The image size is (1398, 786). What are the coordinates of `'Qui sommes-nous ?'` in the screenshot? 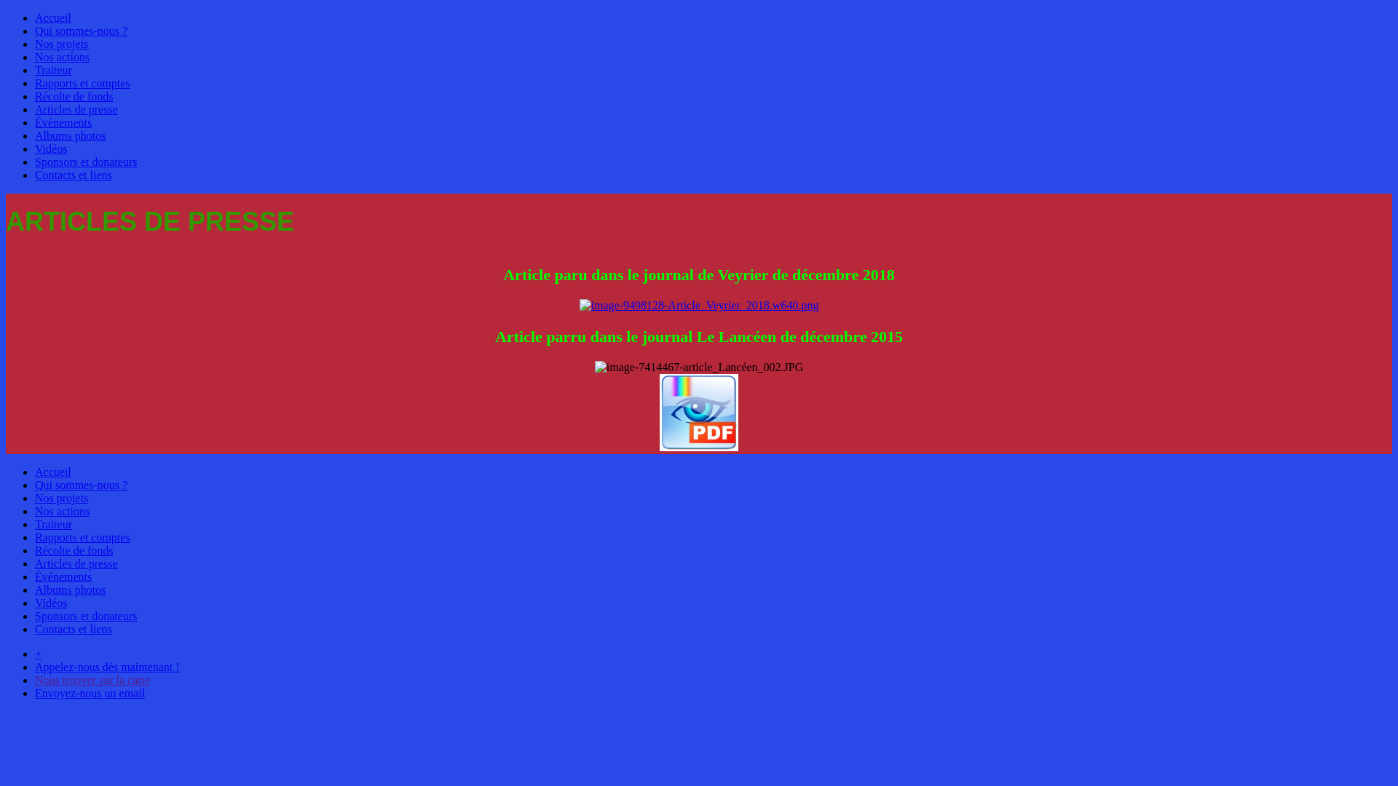 It's located at (80, 31).